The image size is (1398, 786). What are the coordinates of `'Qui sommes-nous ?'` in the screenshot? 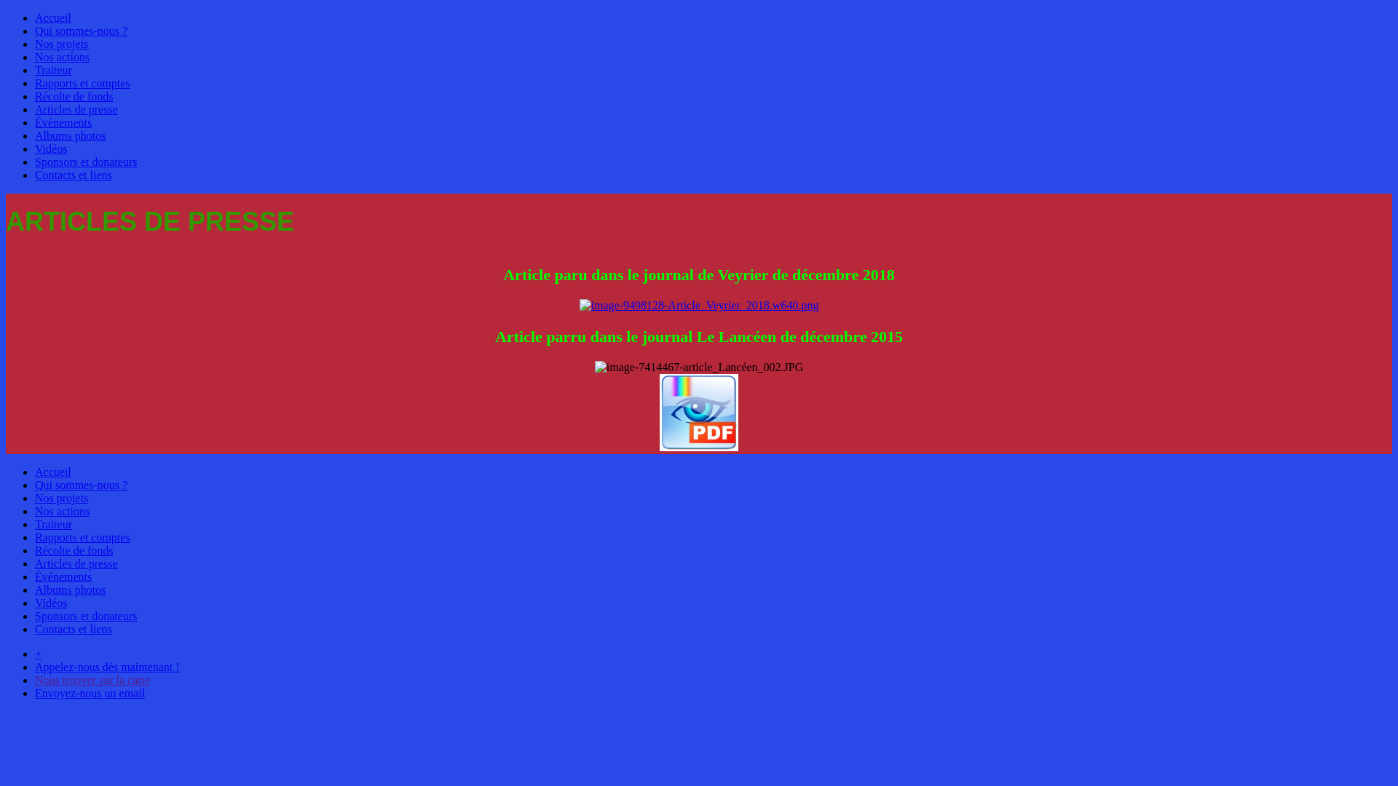 It's located at (80, 31).